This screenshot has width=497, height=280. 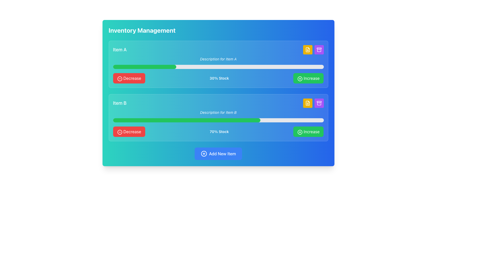 What do you see at coordinates (222, 67) in the screenshot?
I see `the stock level` at bounding box center [222, 67].